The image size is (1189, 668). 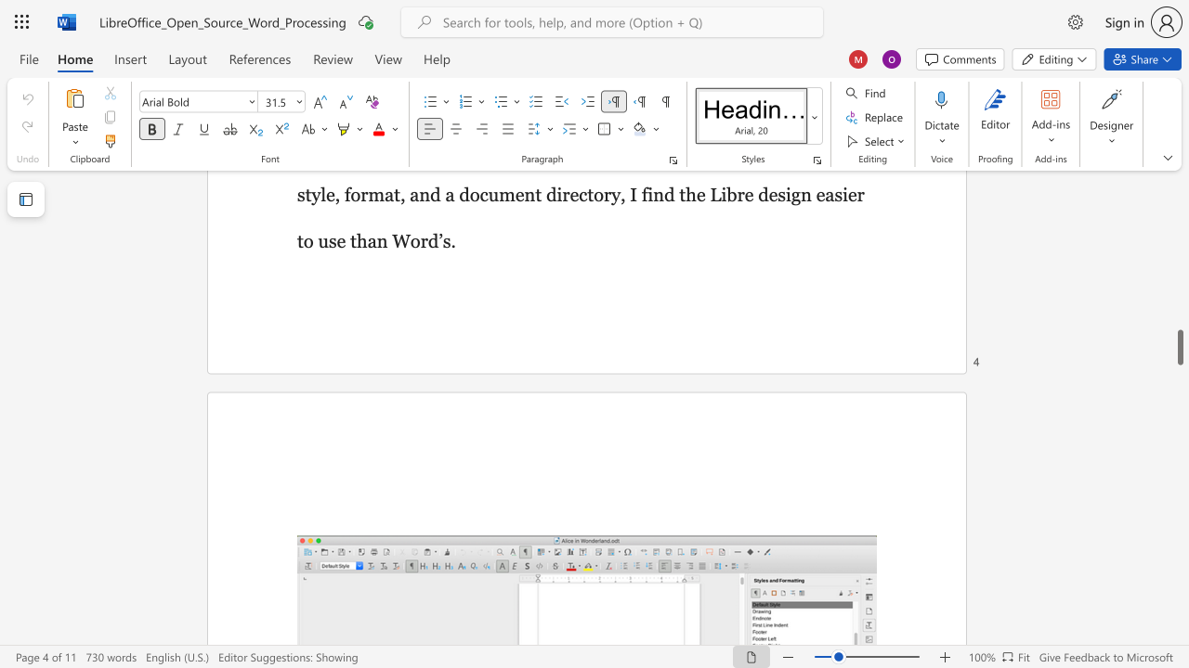 What do you see at coordinates (1179, 288) in the screenshot?
I see `the vertical scrollbar to raise the page content` at bounding box center [1179, 288].